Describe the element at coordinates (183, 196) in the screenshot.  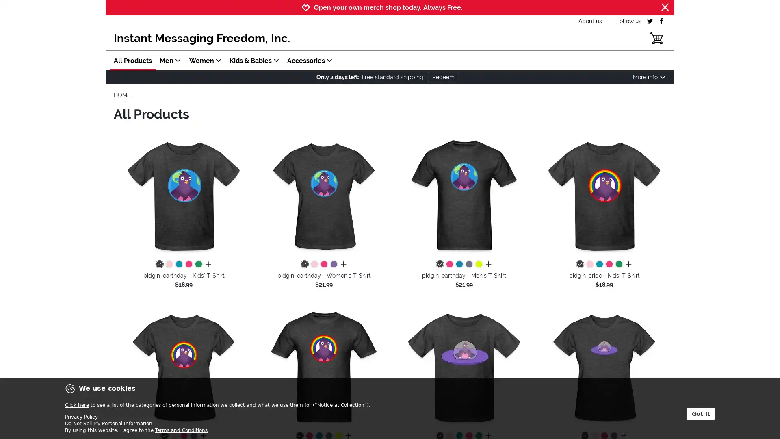
I see `pidgin_earthday - Kids' T-Shirt` at that location.